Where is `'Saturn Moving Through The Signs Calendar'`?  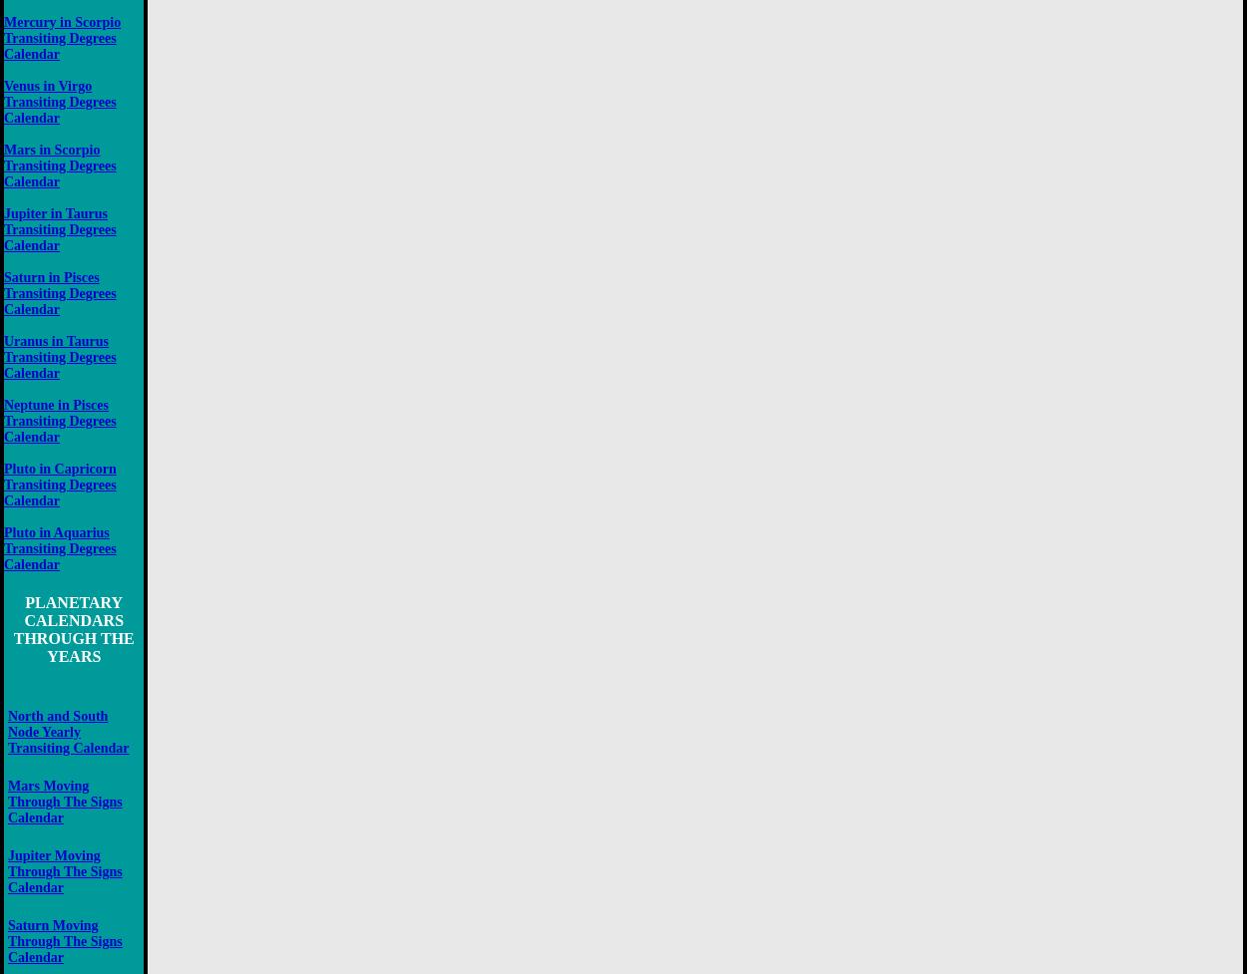 'Saturn Moving Through The Signs Calendar' is located at coordinates (64, 940).